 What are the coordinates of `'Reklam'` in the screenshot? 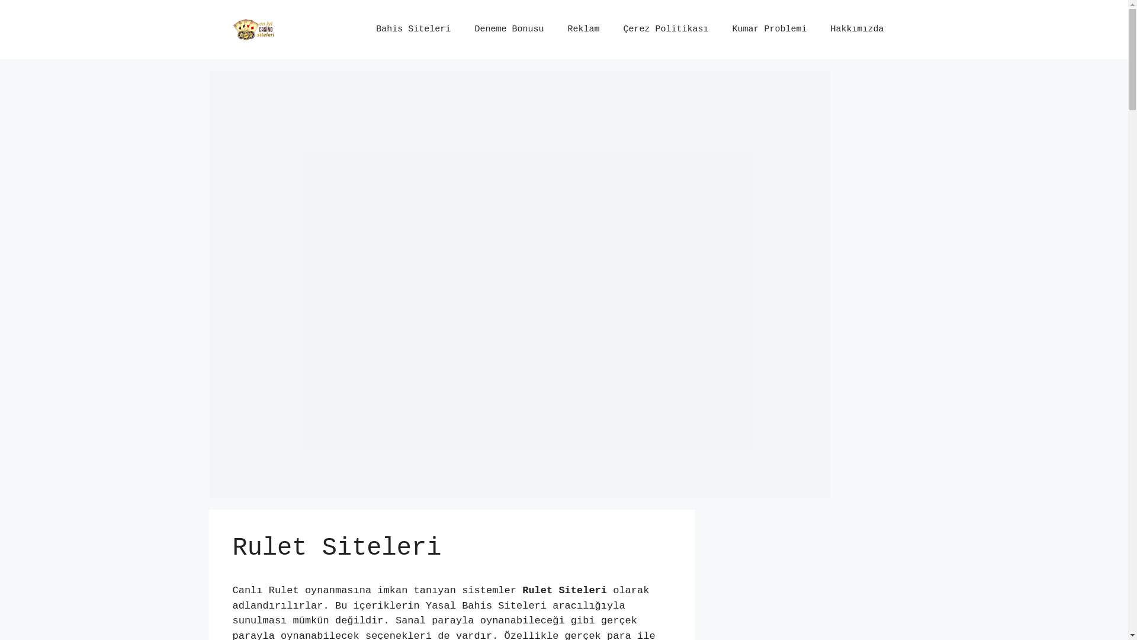 It's located at (583, 29).